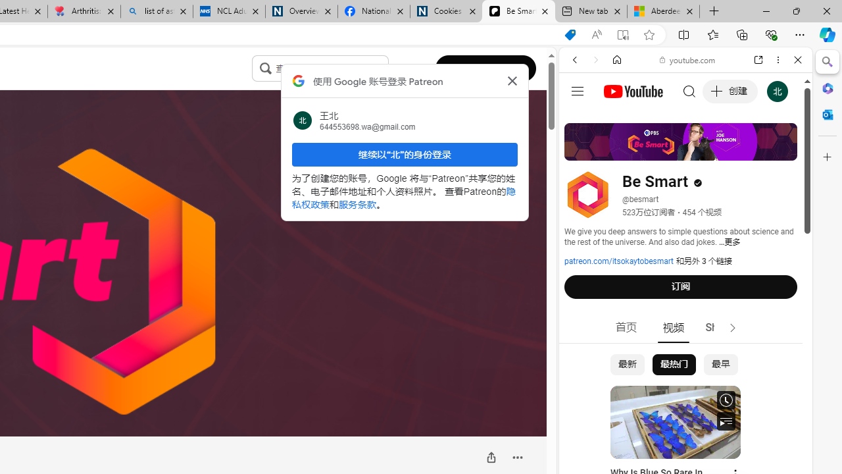 Image resolution: width=842 pixels, height=474 pixels. Describe the element at coordinates (732, 327) in the screenshot. I see `'AutomationID: right'` at that location.